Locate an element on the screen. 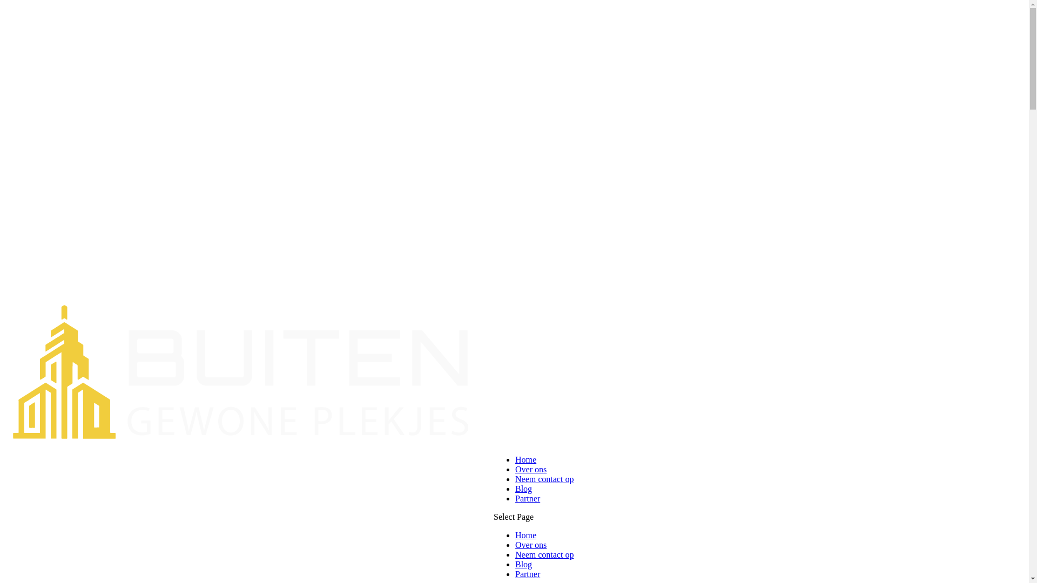  'Partner' is located at coordinates (528, 573).